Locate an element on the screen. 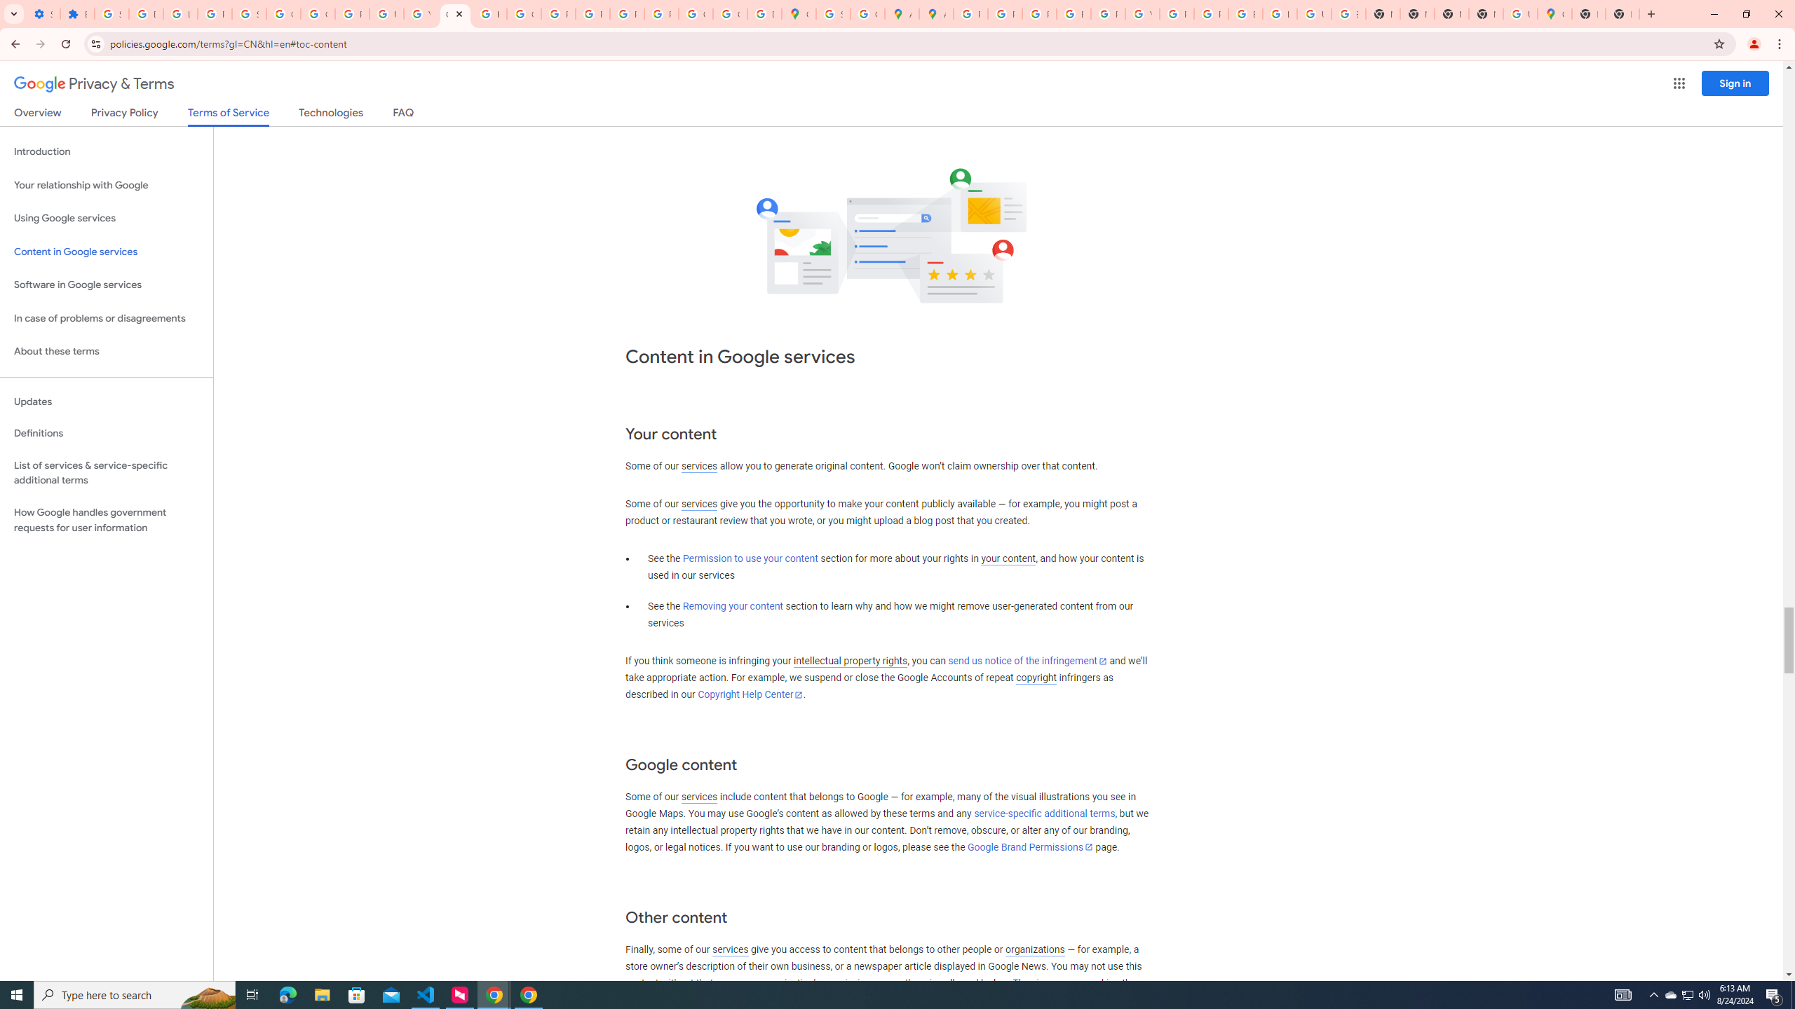 This screenshot has height=1009, width=1795. 'Policy Accountability and Transparency - Transparency Center' is located at coordinates (970, 13).